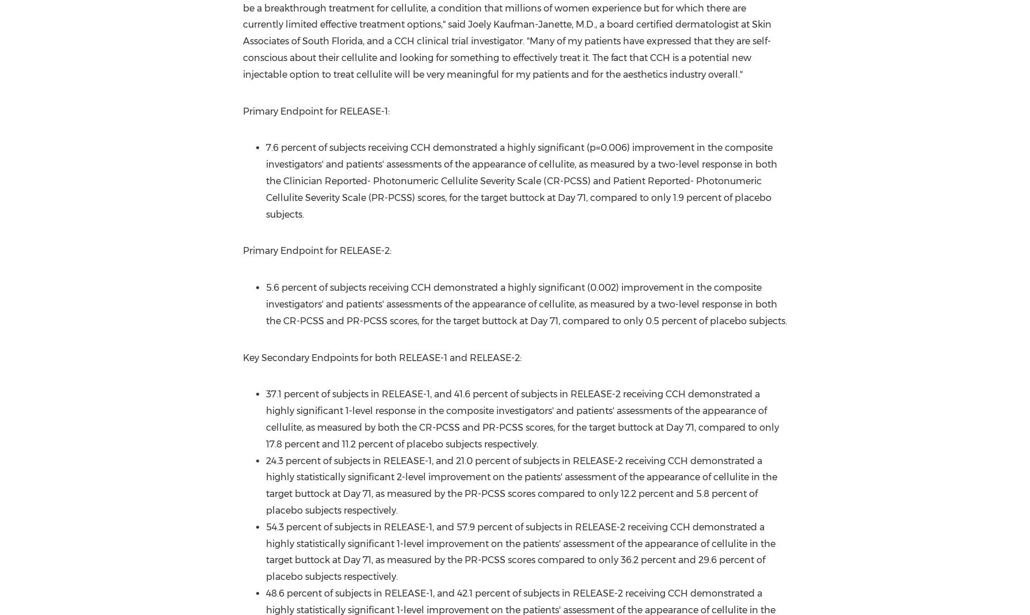  What do you see at coordinates (520, 484) in the screenshot?
I see `'24.3 percent of subjects in RELEASE-1, and 21.0 percent of subjects in RELEASE-2 receiving CCH demonstrated a highly statistically significant 2-level improvement on the patients' assessment of the appearance of cellulite in the target buttock at Day 71, as measured by the PR-PCSS scores compared to only 12.2 percent and 5.8 percent of placebo subjects respectively.'` at bounding box center [520, 484].